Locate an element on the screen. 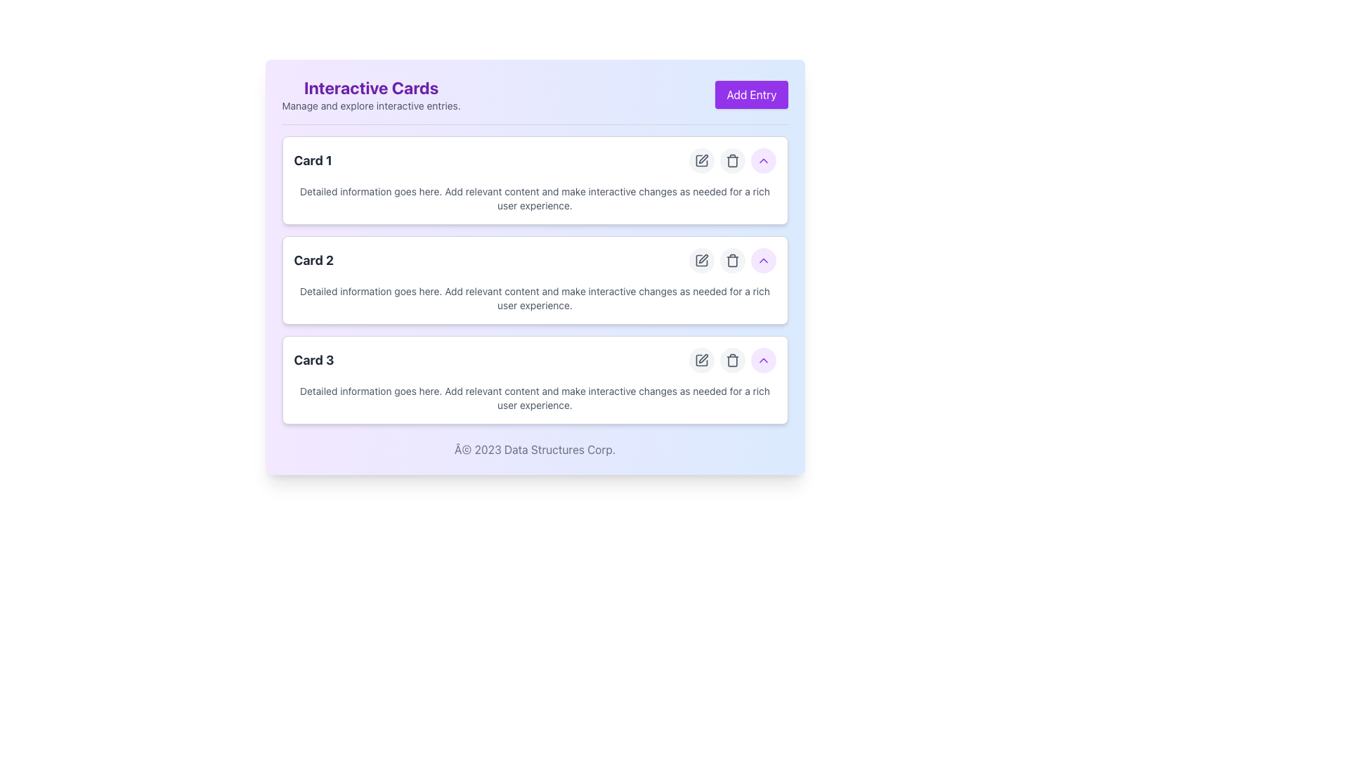 The image size is (1349, 759). descriptive text content located in the central body area of 'Card 2', which informs the user about the card's purpose or details is located at coordinates (534, 297).